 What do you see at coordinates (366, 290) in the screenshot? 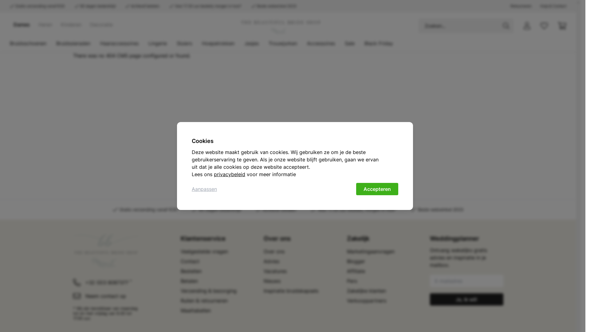
I see `'Zakelijke klanten'` at bounding box center [366, 290].